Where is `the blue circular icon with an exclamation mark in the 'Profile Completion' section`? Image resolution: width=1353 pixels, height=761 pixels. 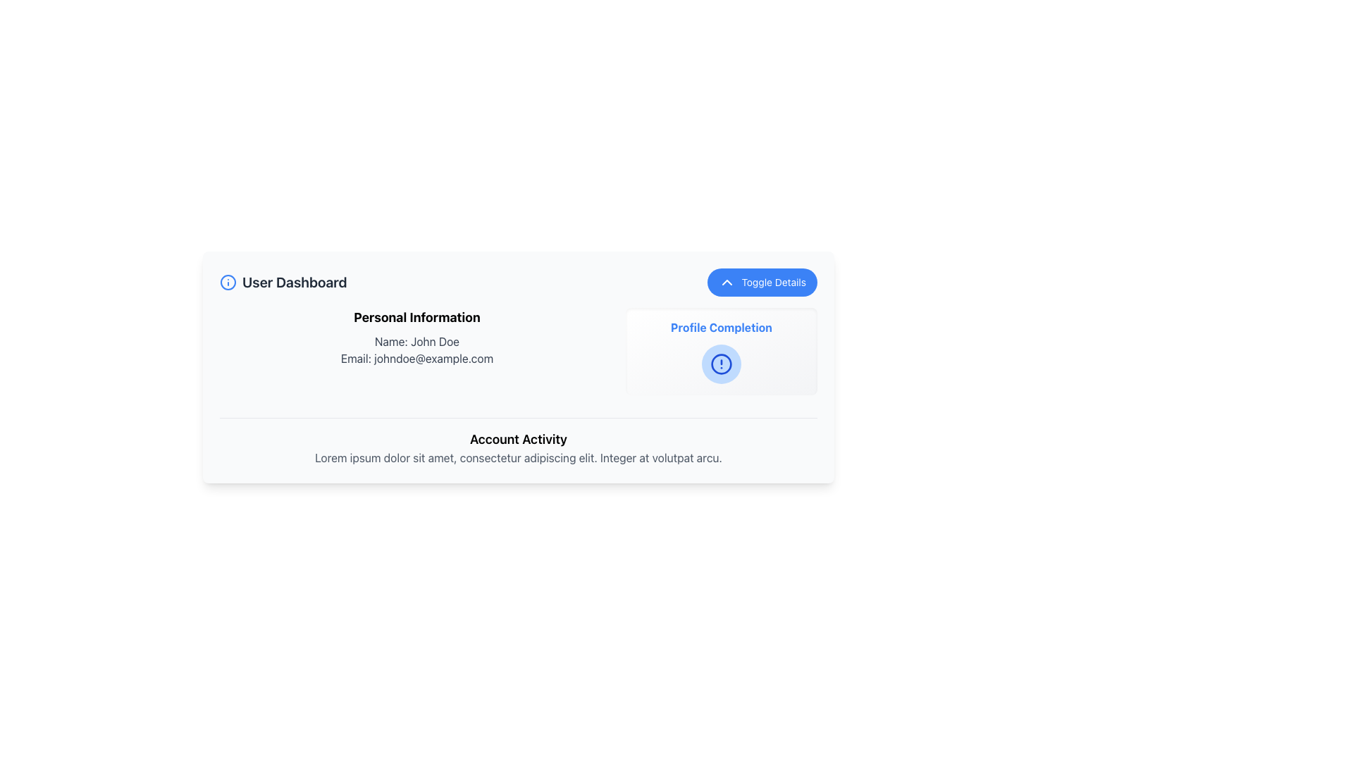 the blue circular icon with an exclamation mark in the 'Profile Completion' section is located at coordinates (721, 363).